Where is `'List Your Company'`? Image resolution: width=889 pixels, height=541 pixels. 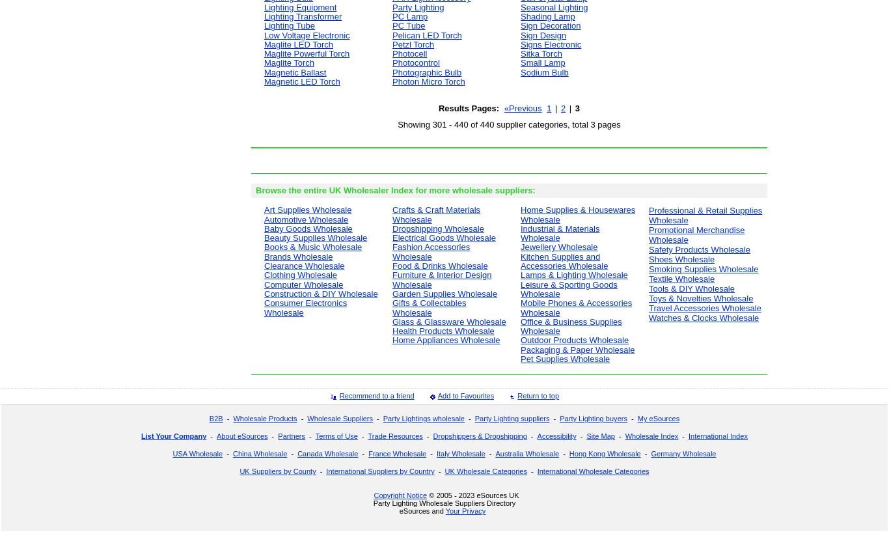 'List Your Company' is located at coordinates (141, 436).